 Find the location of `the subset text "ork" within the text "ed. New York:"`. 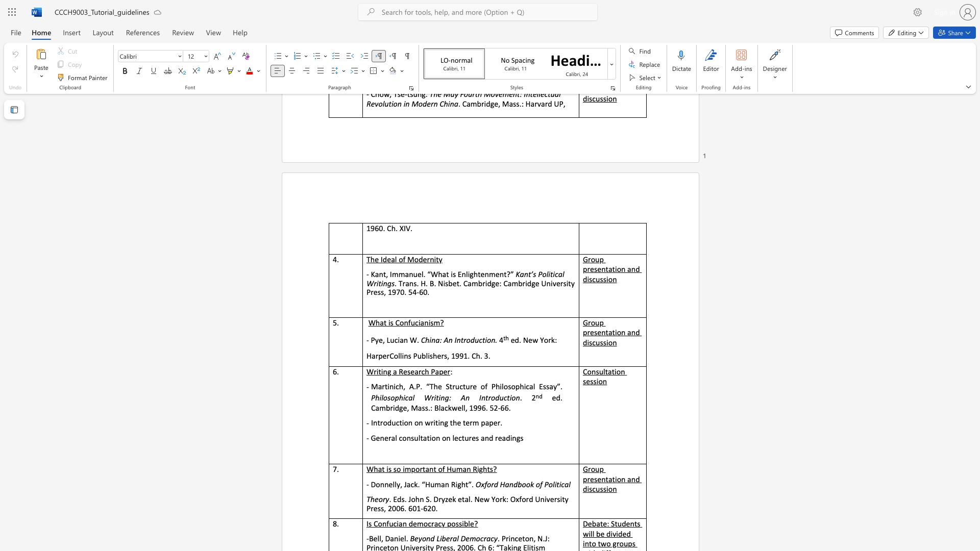

the subset text "ork" within the text "ed. New York:" is located at coordinates (543, 340).